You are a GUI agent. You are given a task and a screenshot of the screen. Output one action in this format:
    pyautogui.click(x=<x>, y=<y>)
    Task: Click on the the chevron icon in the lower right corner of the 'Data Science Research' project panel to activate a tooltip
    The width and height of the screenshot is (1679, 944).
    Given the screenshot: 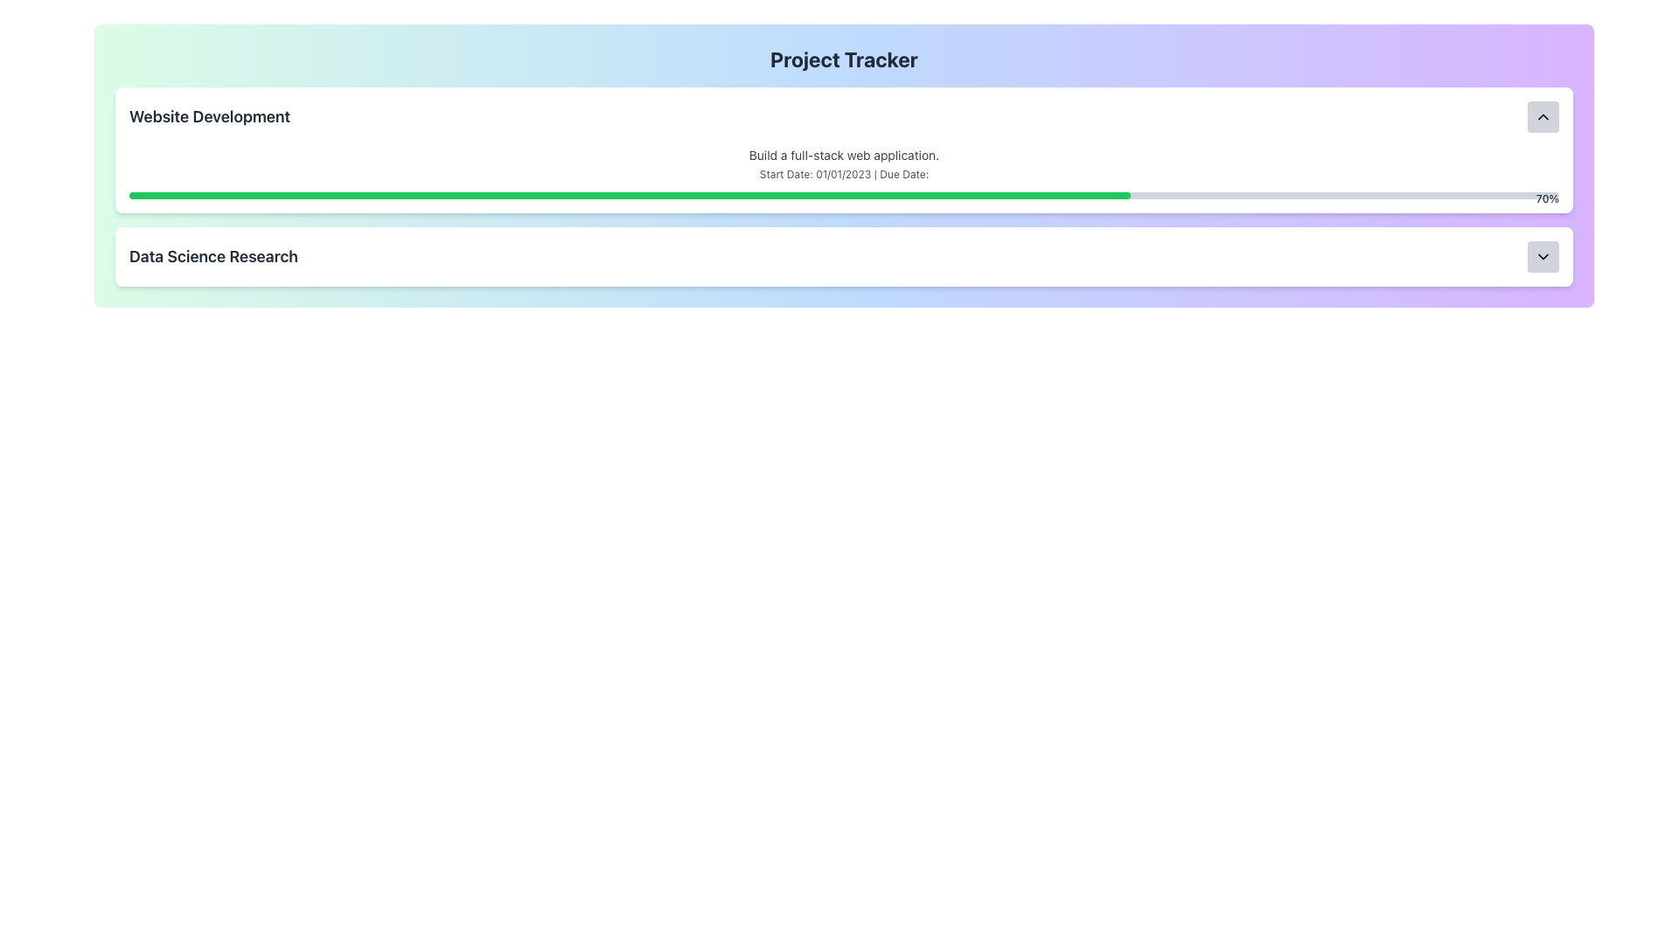 What is the action you would take?
    pyautogui.click(x=1543, y=256)
    